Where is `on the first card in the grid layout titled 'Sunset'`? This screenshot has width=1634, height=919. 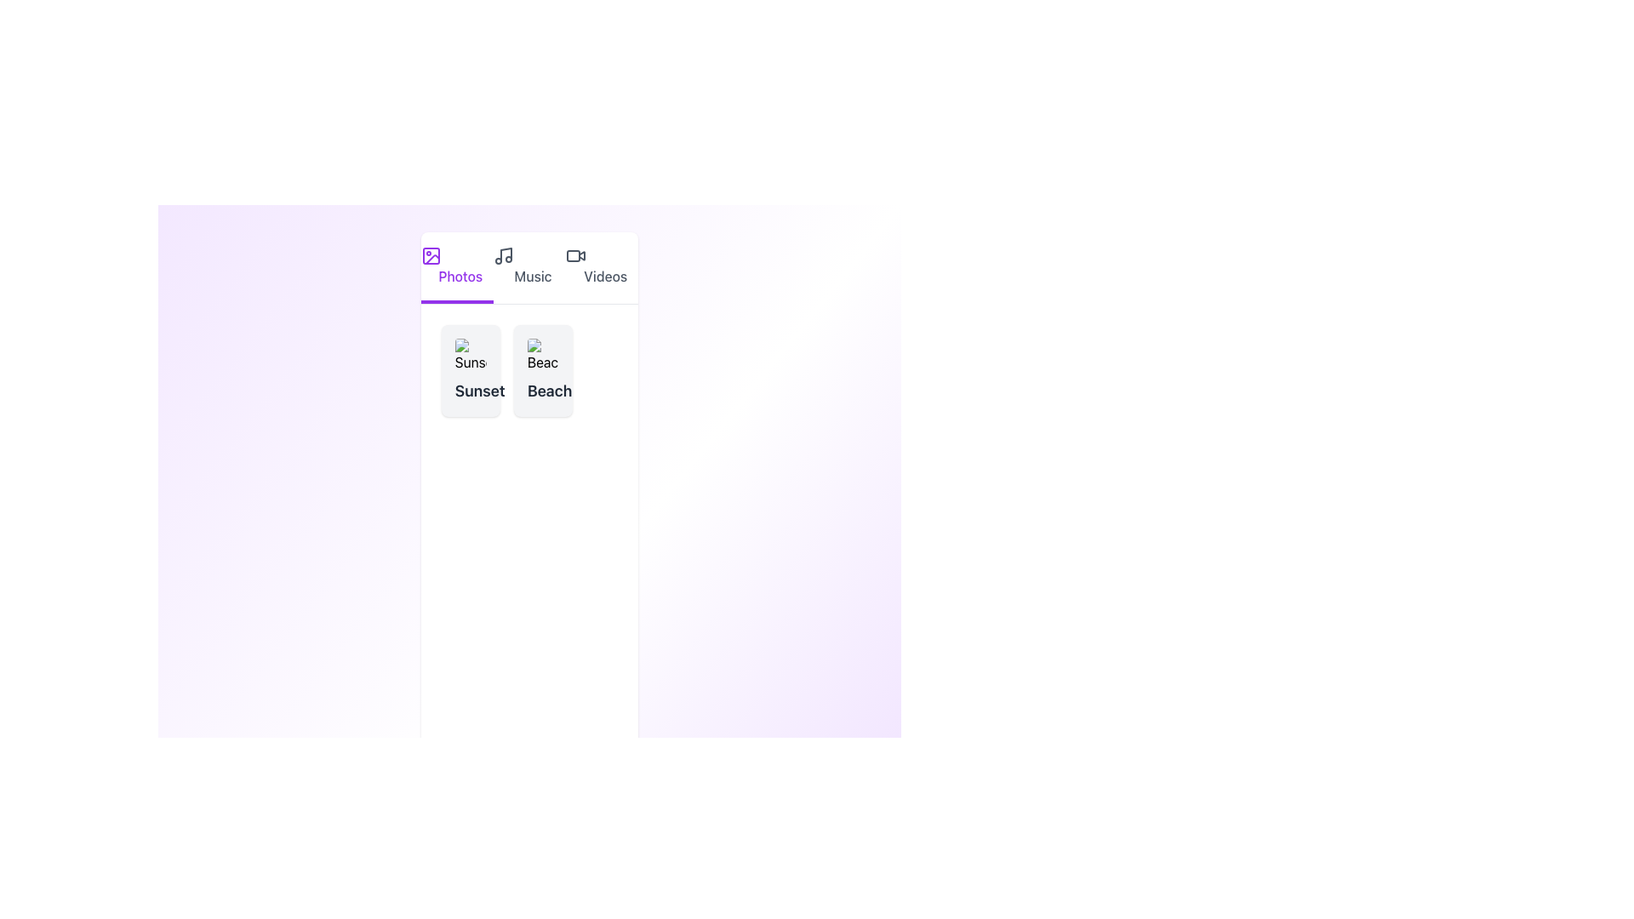
on the first card in the grid layout titled 'Sunset' is located at coordinates (471, 369).